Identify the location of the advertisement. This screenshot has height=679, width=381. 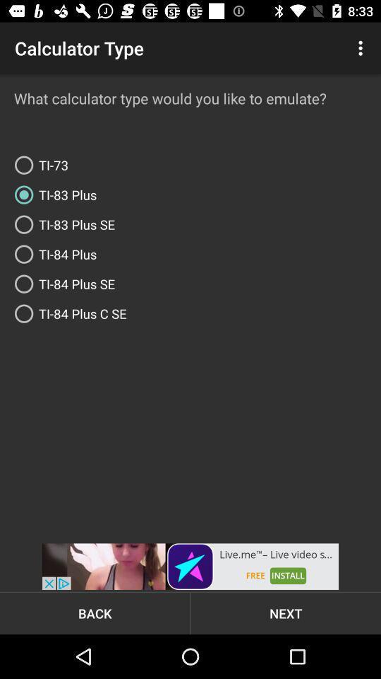
(190, 567).